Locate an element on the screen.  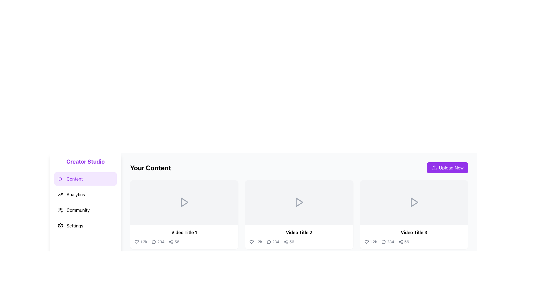
numeric text '234' indicating the comment count located within the third content card under 'Your Content', positioned between the speech bubble icon and a shares count text is located at coordinates (390, 241).